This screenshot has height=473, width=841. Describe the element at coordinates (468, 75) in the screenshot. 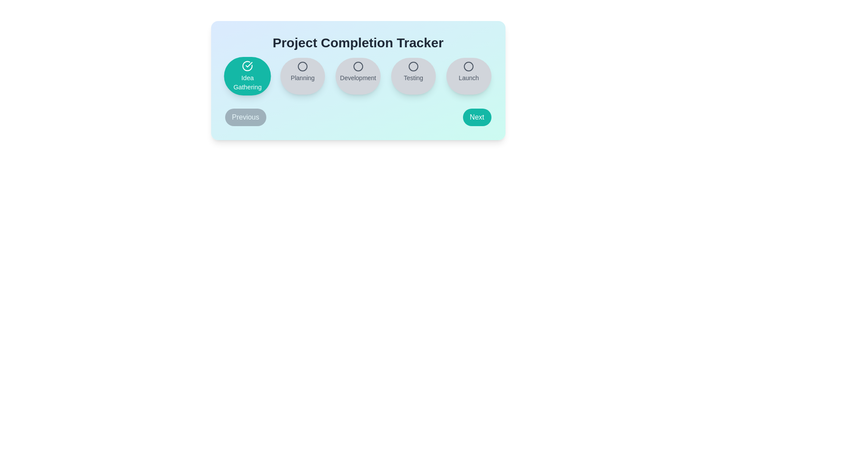

I see `the 'Launch' button, which is a rounded button with a light gray background located at the far right of a sequence of five buttons representing different stages of a process` at that location.